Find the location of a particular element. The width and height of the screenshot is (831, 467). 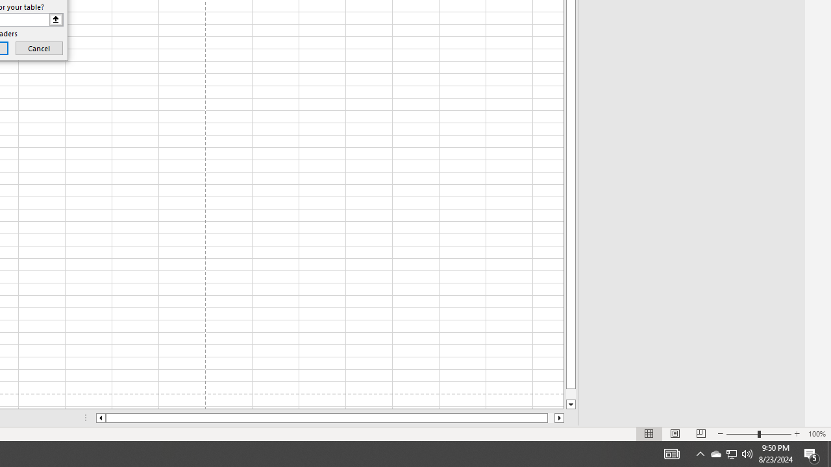

'Zoom In' is located at coordinates (796, 434).